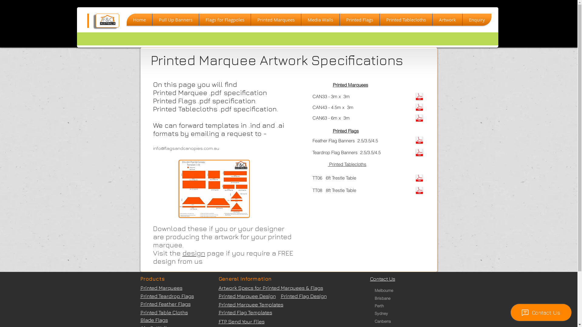 This screenshot has height=327, width=582. Describe the element at coordinates (245, 279) in the screenshot. I see `'General Information'` at that location.